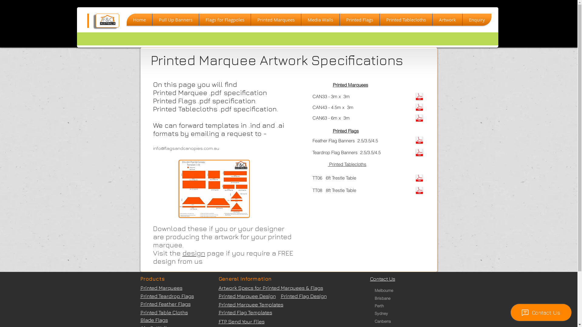 This screenshot has height=327, width=582. Describe the element at coordinates (245, 279) in the screenshot. I see `'General Information'` at that location.